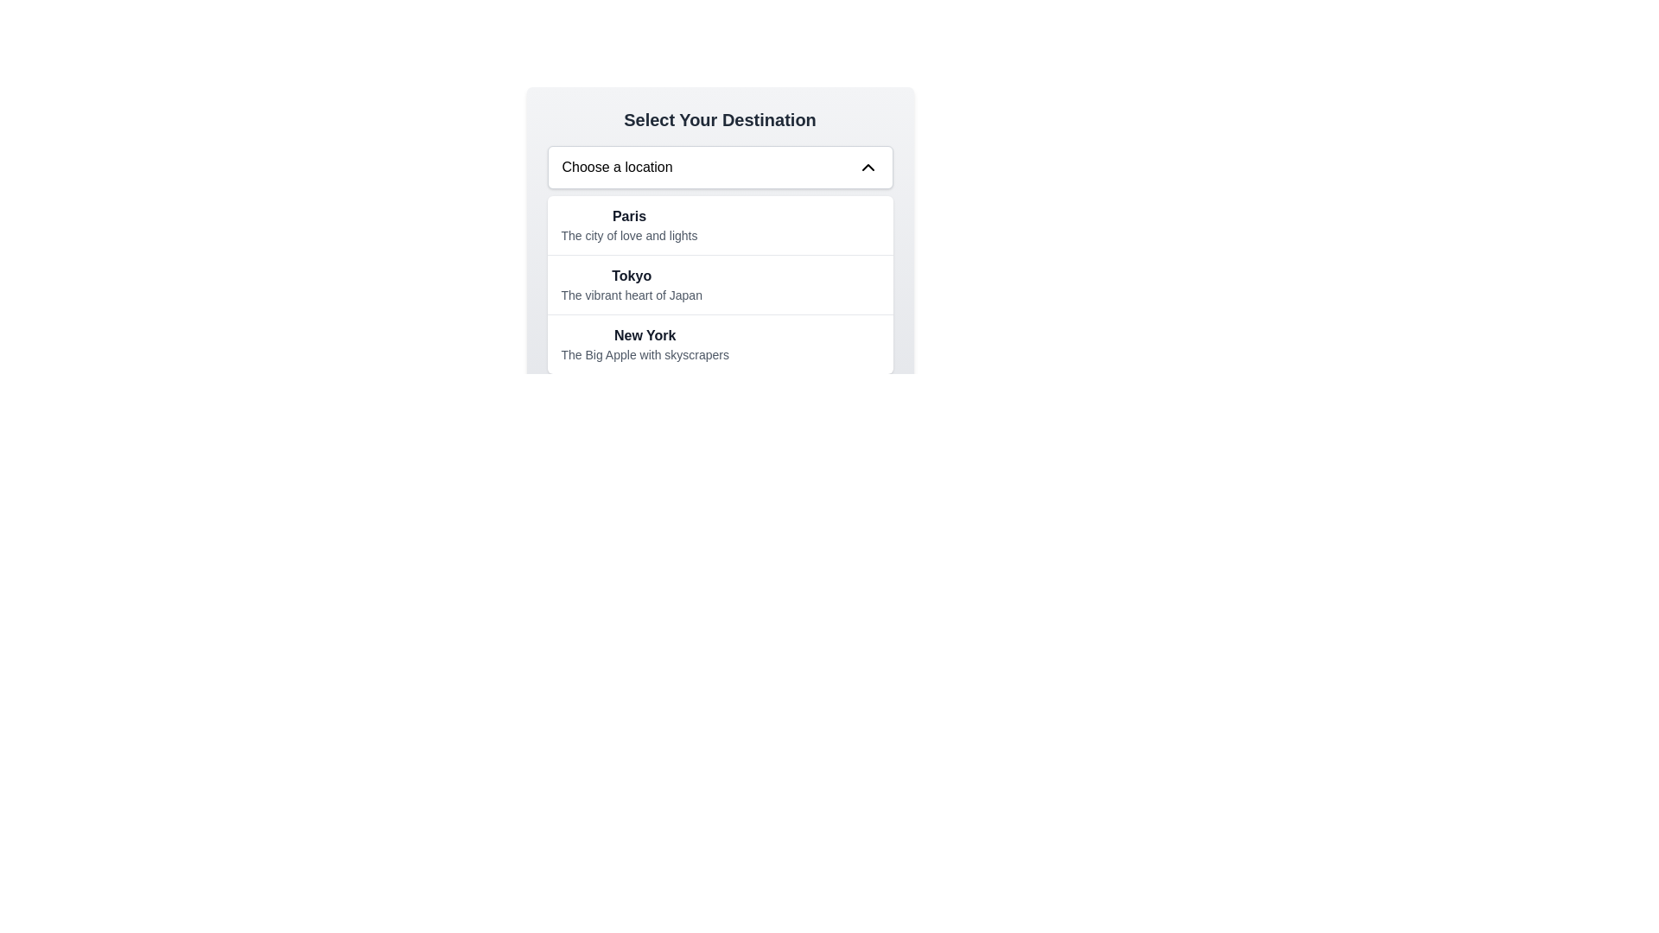  Describe the element at coordinates (628, 215) in the screenshot. I see `the 'Paris' destination text label in the dropdown menu of the 'Select Your Destination' interface` at that location.